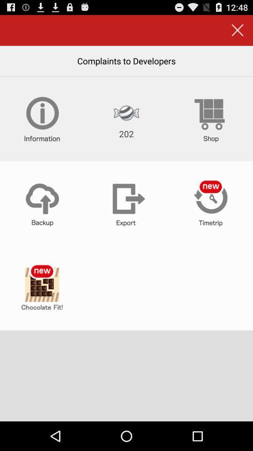 The height and width of the screenshot is (451, 253). I want to click on export data from app, so click(126, 203).